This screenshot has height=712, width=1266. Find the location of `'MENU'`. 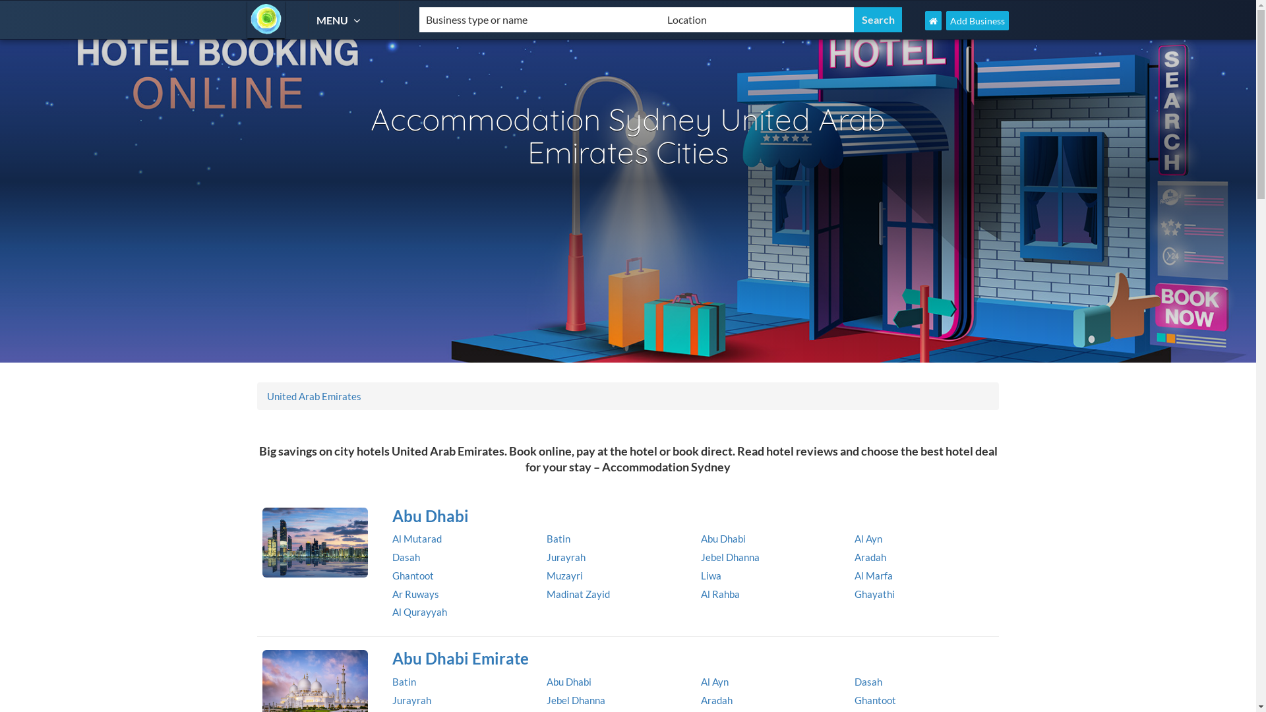

'MENU' is located at coordinates (316, 20).